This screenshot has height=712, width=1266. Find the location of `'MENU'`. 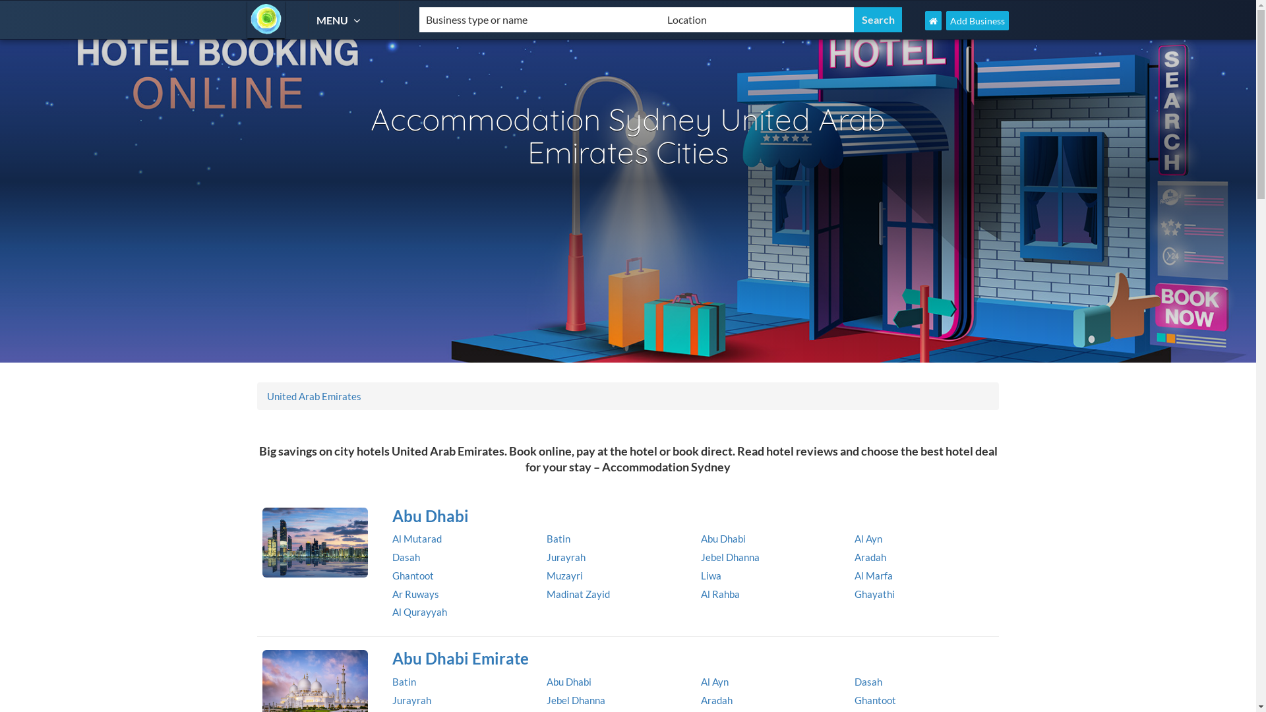

'MENU' is located at coordinates (316, 20).